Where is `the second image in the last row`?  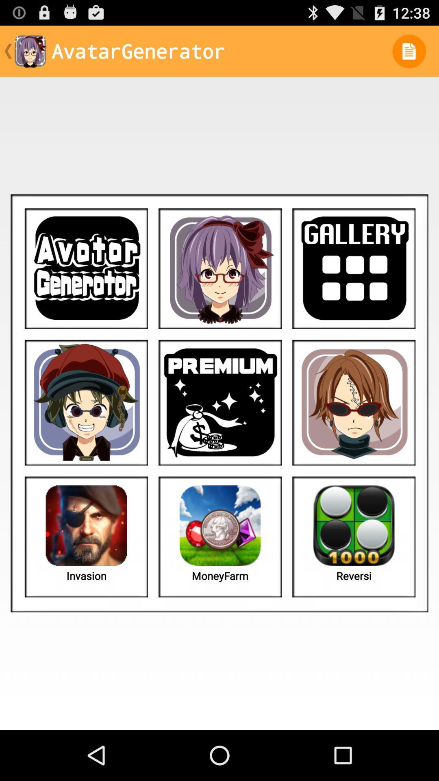
the second image in the last row is located at coordinates (220, 539).